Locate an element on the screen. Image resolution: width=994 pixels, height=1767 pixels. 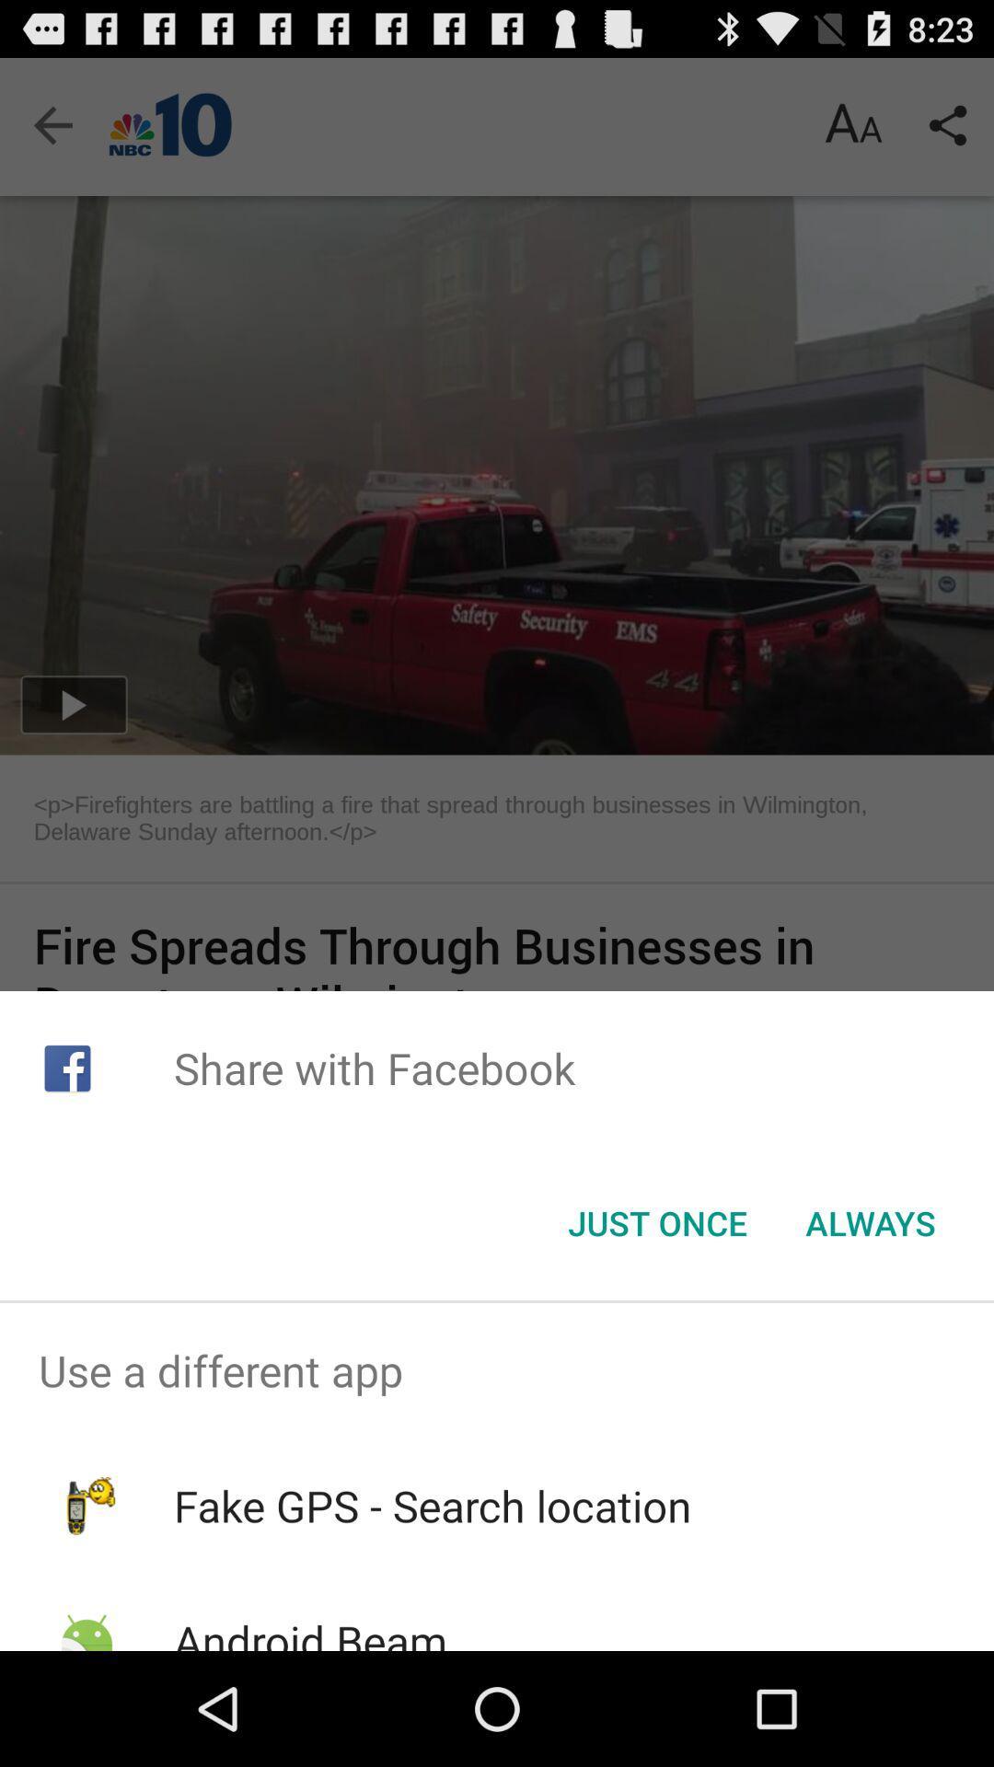
use a different is located at coordinates (497, 1370).